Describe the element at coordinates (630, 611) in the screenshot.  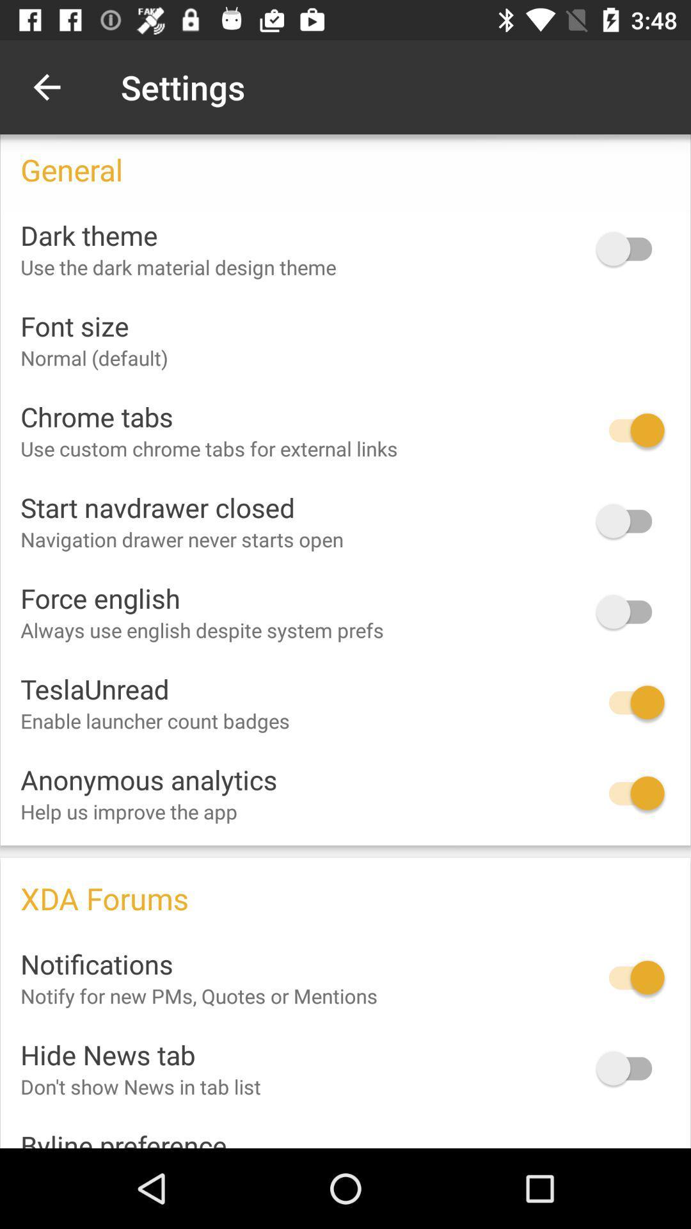
I see `force english on` at that location.